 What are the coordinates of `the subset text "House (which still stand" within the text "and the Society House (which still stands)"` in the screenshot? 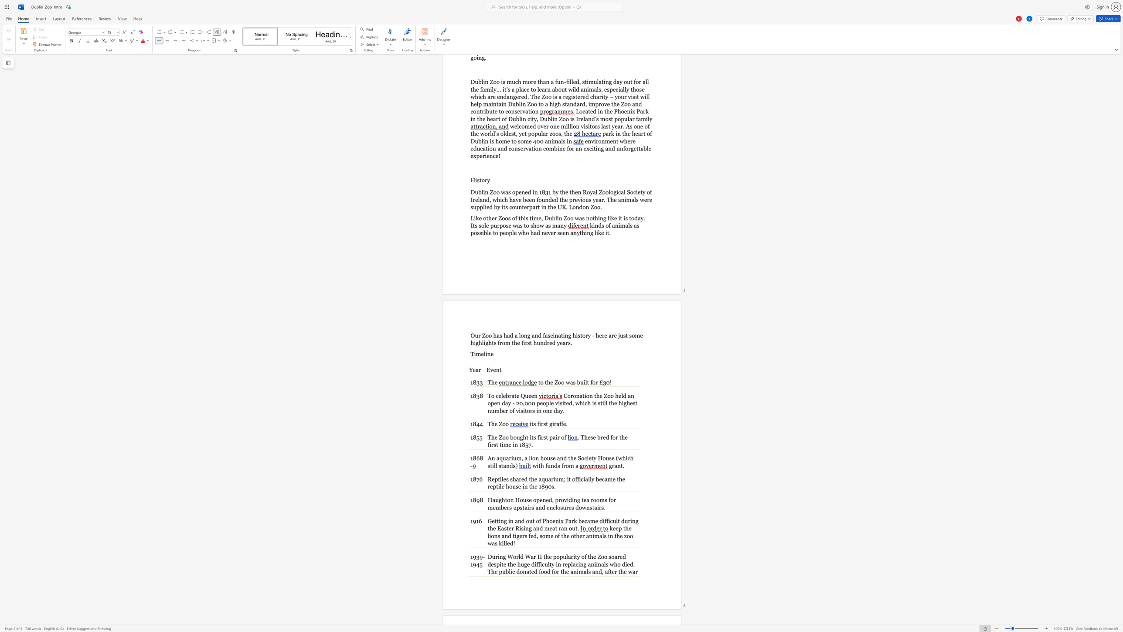 It's located at (598, 458).